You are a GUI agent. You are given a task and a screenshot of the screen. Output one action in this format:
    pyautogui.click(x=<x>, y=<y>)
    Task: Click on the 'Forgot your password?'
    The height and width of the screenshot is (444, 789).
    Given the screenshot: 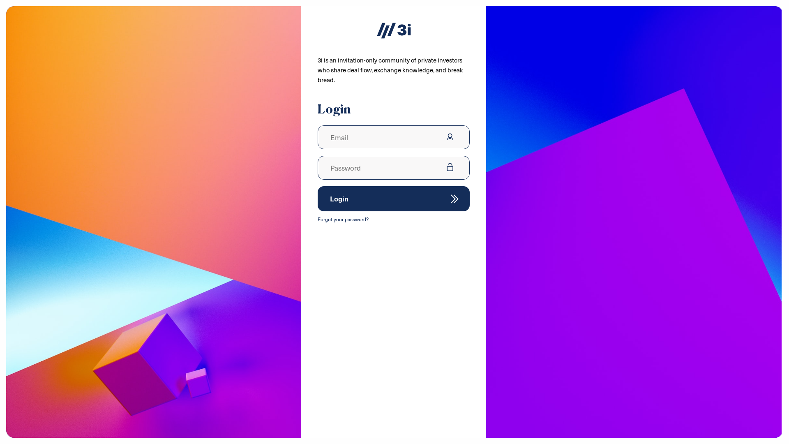 What is the action you would take?
    pyautogui.click(x=343, y=218)
    